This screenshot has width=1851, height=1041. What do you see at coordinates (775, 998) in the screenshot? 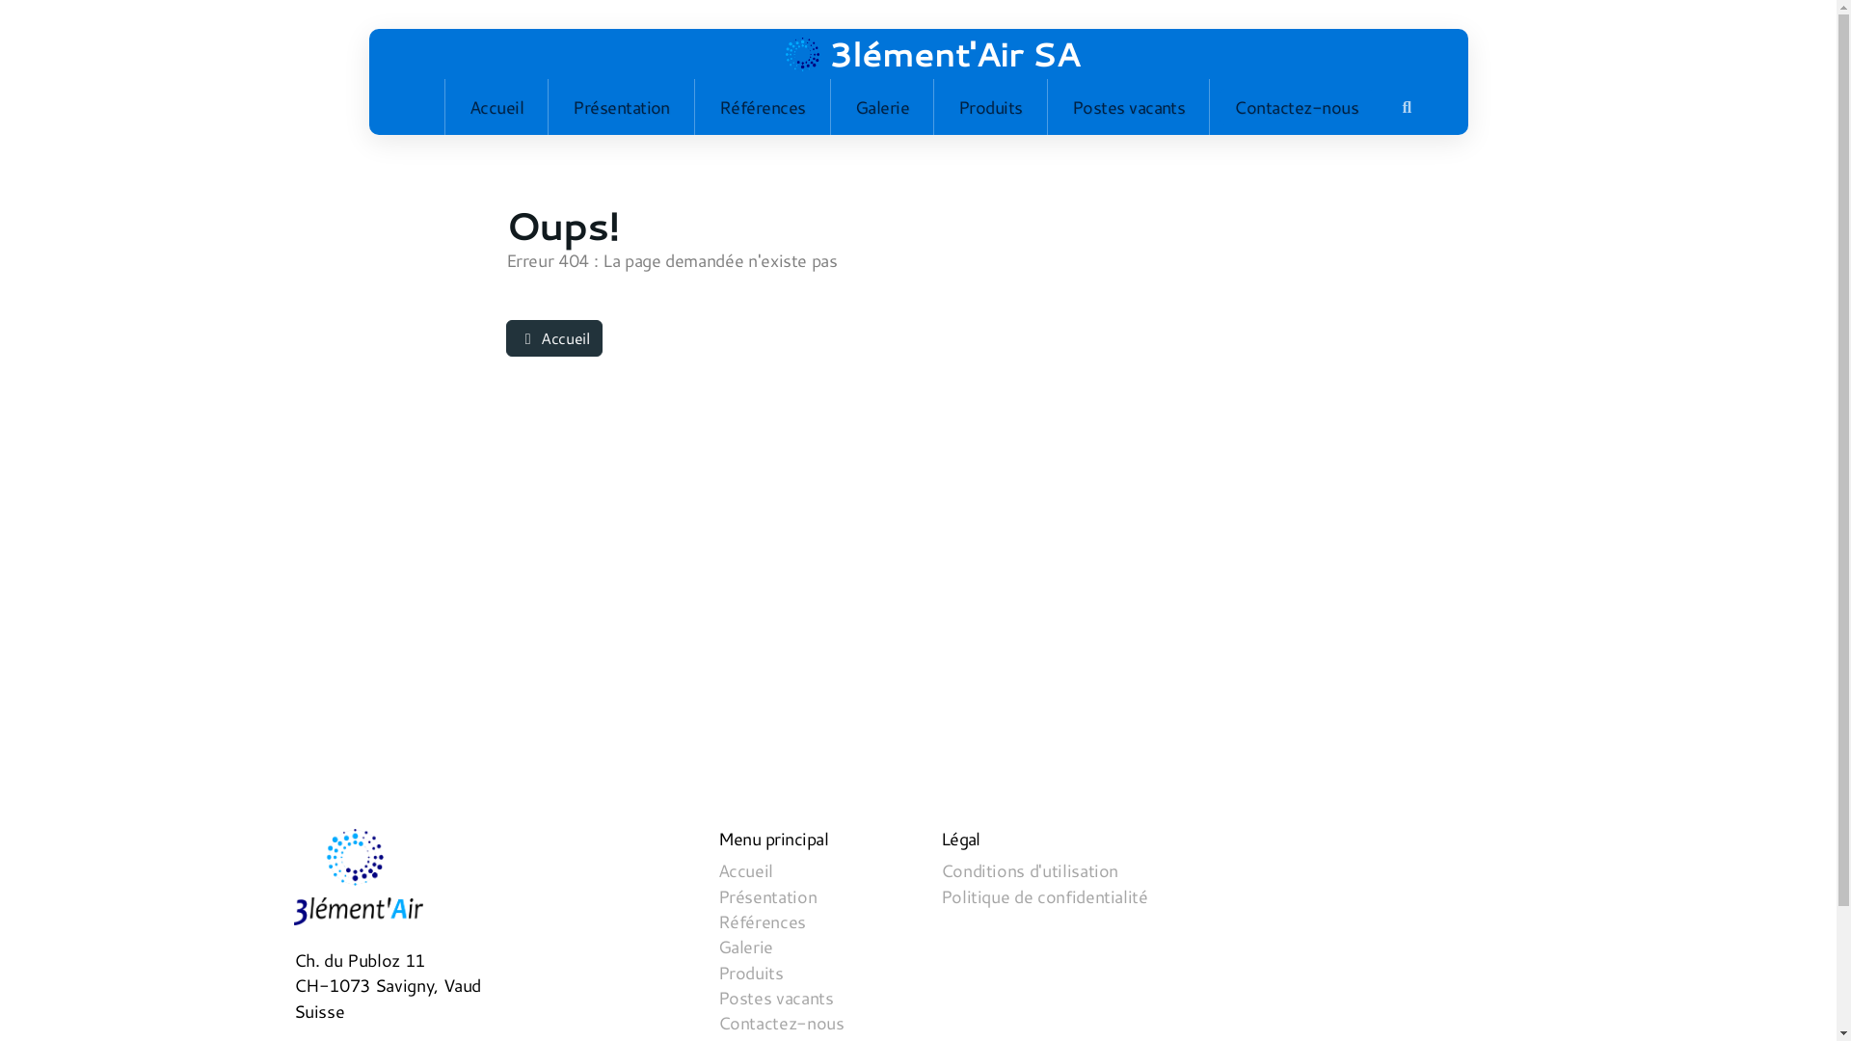
I see `'Postes vacants'` at bounding box center [775, 998].